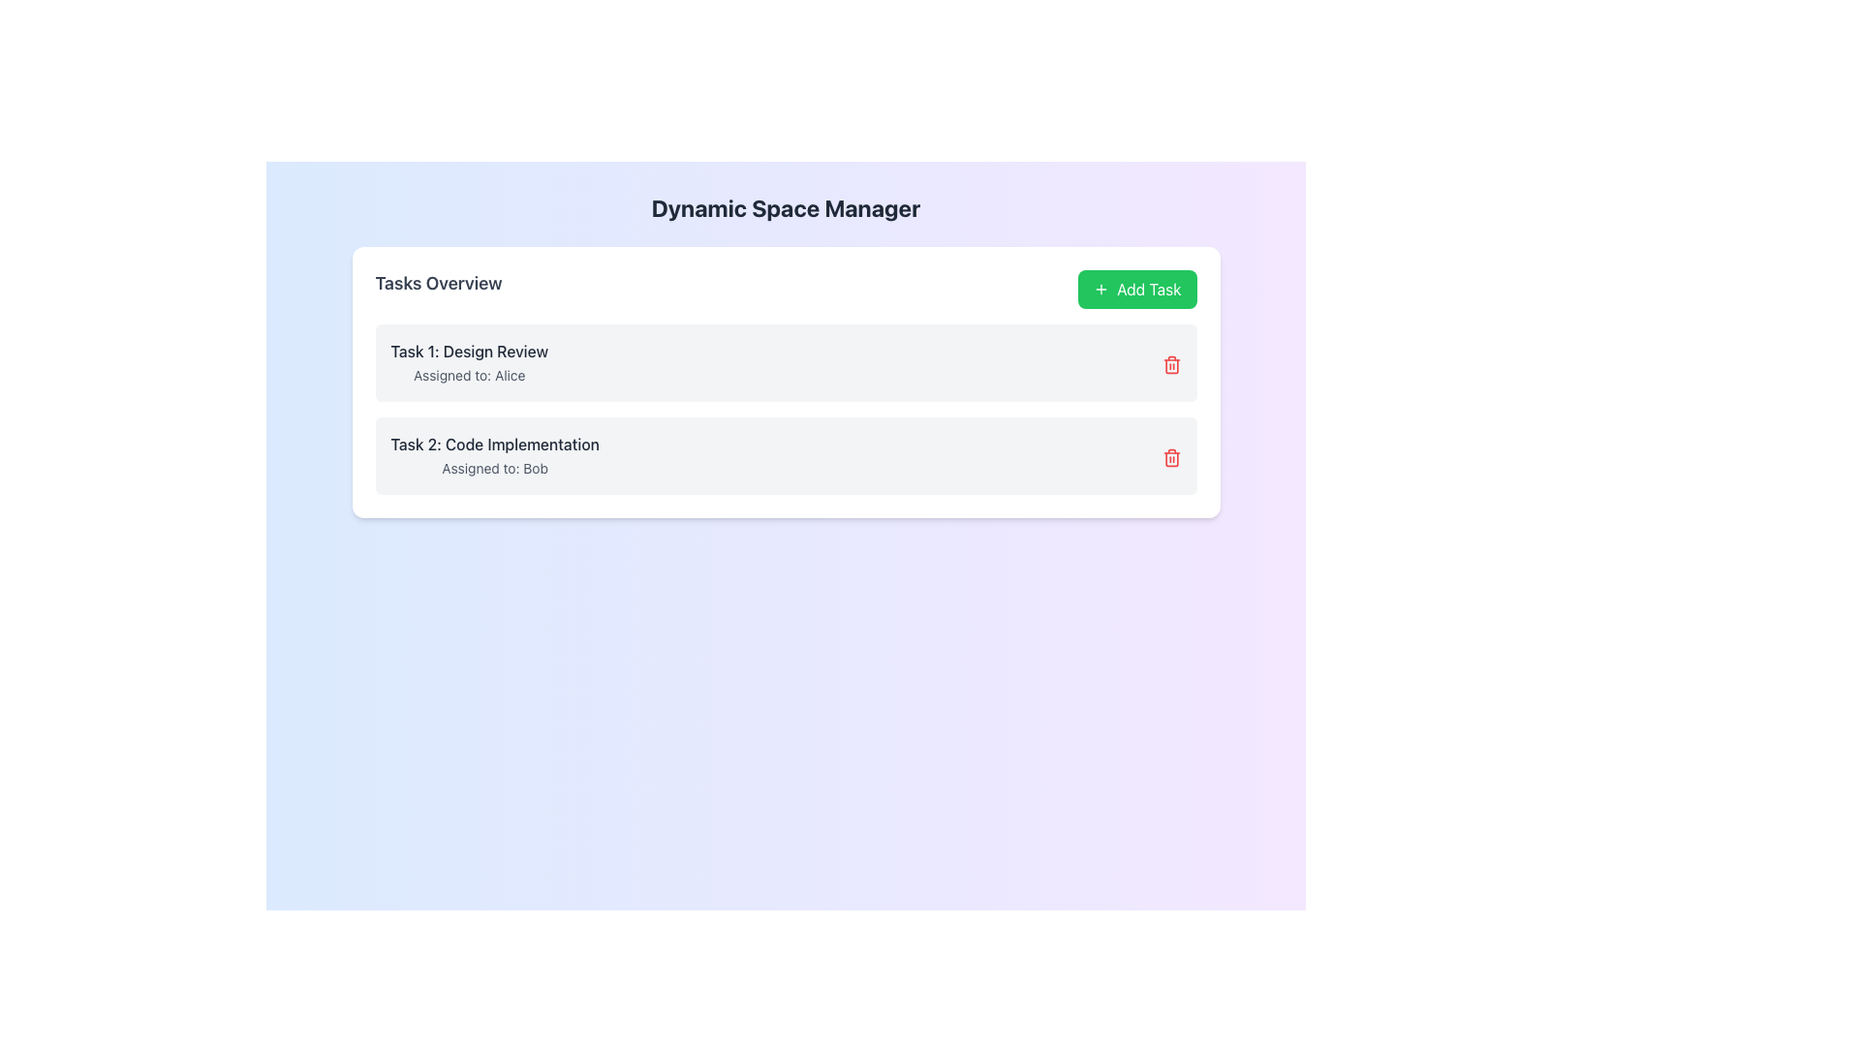 The image size is (1860, 1046). I want to click on the delete icon button associated with 'Task 1: Design Review', so click(1170, 364).